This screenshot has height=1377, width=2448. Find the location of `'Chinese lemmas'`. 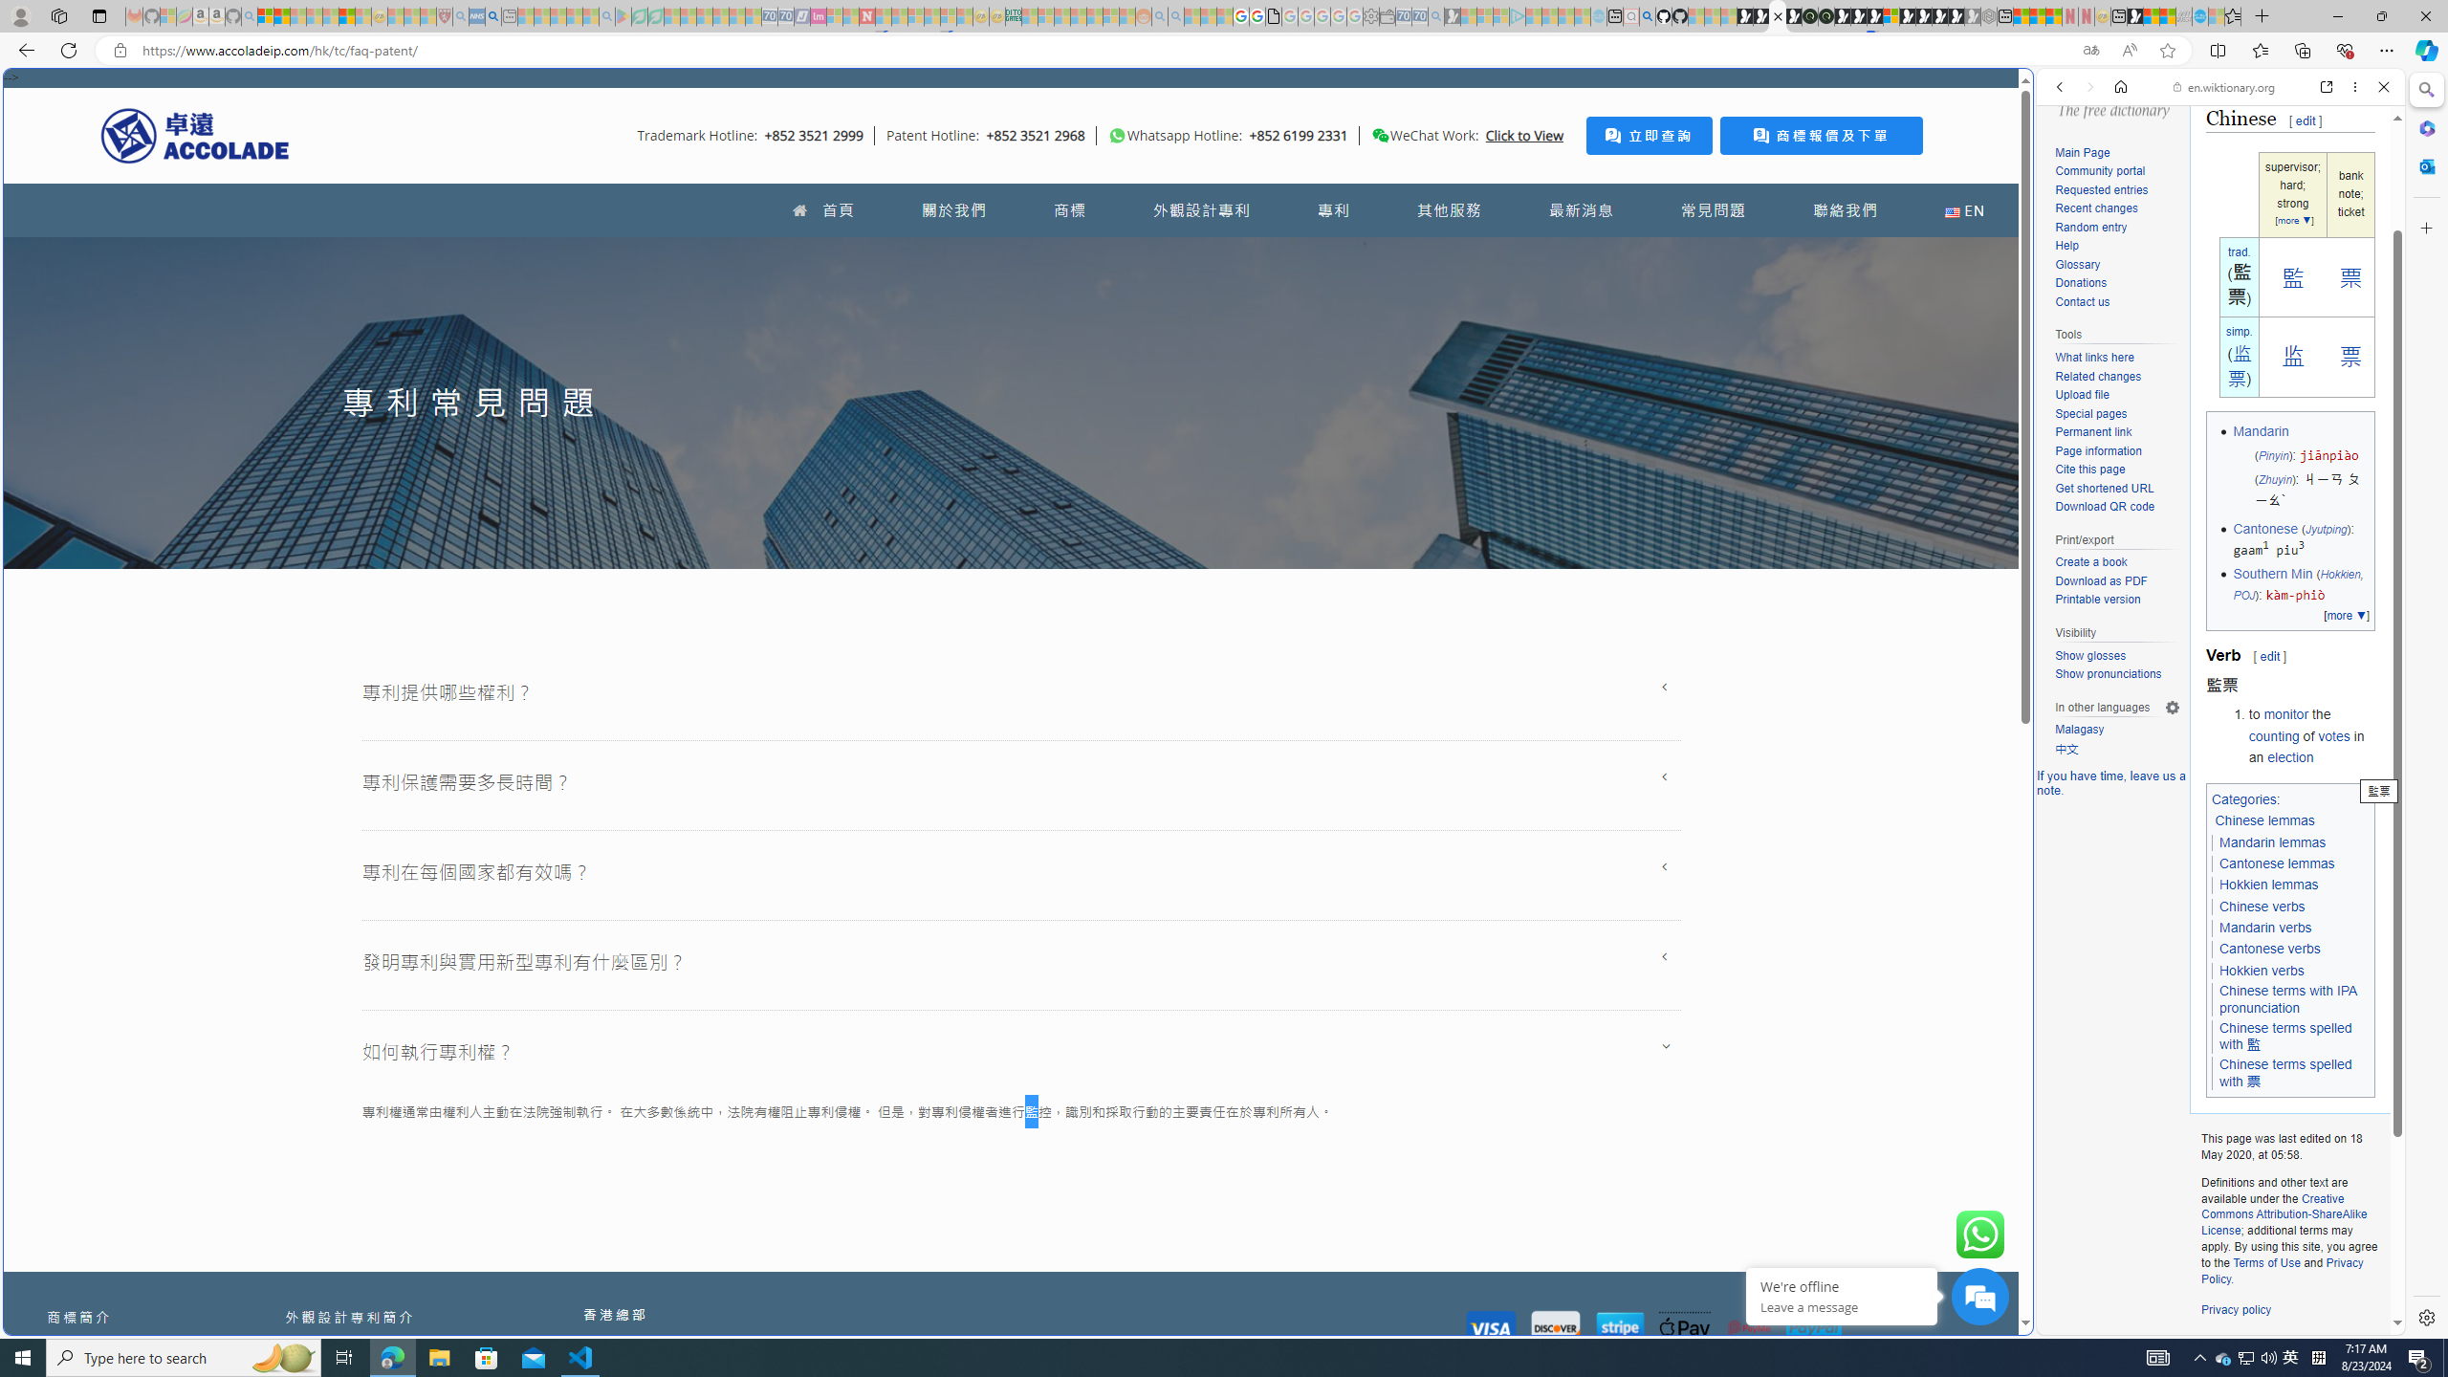

'Chinese lemmas' is located at coordinates (2265, 820).